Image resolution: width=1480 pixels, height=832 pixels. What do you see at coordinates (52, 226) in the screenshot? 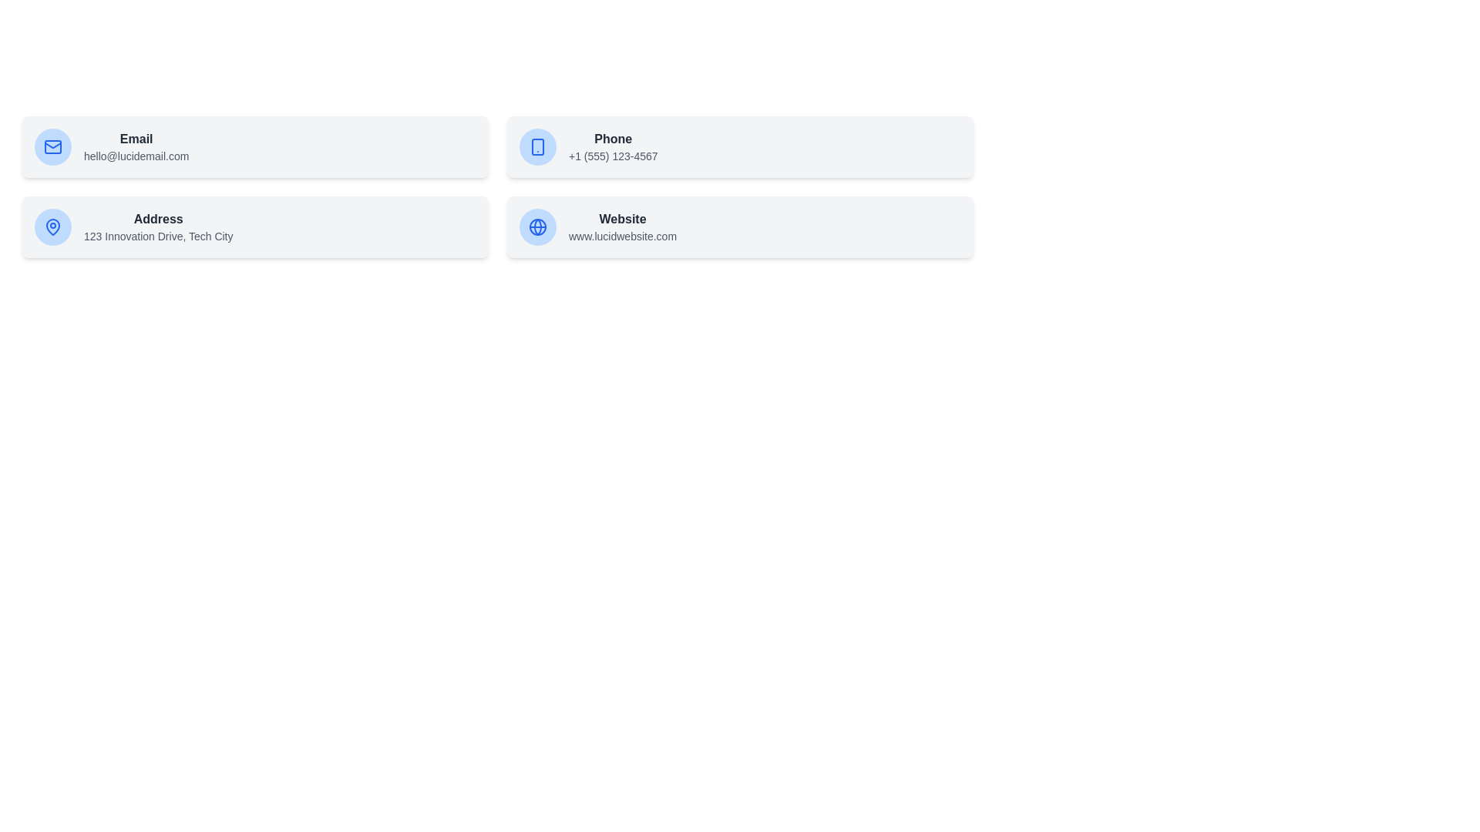
I see `the address icon located in the second row of the grid, which visually represents the concept of an address or location` at bounding box center [52, 226].